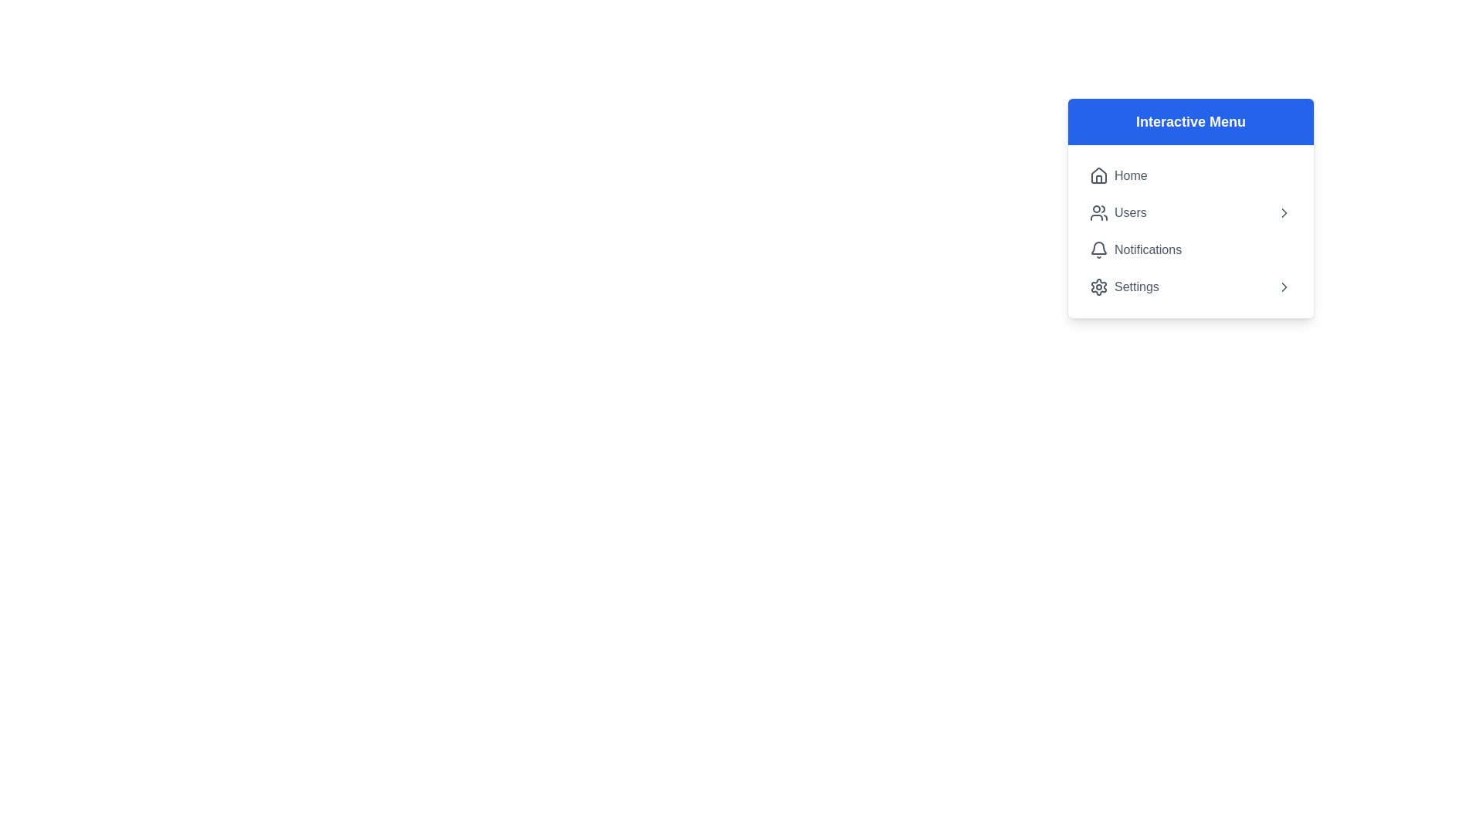 Image resolution: width=1483 pixels, height=834 pixels. What do you see at coordinates (1098, 175) in the screenshot?
I see `the 'Home' menu icon located in the vertical menu to the left of the 'Home' label for interaction` at bounding box center [1098, 175].